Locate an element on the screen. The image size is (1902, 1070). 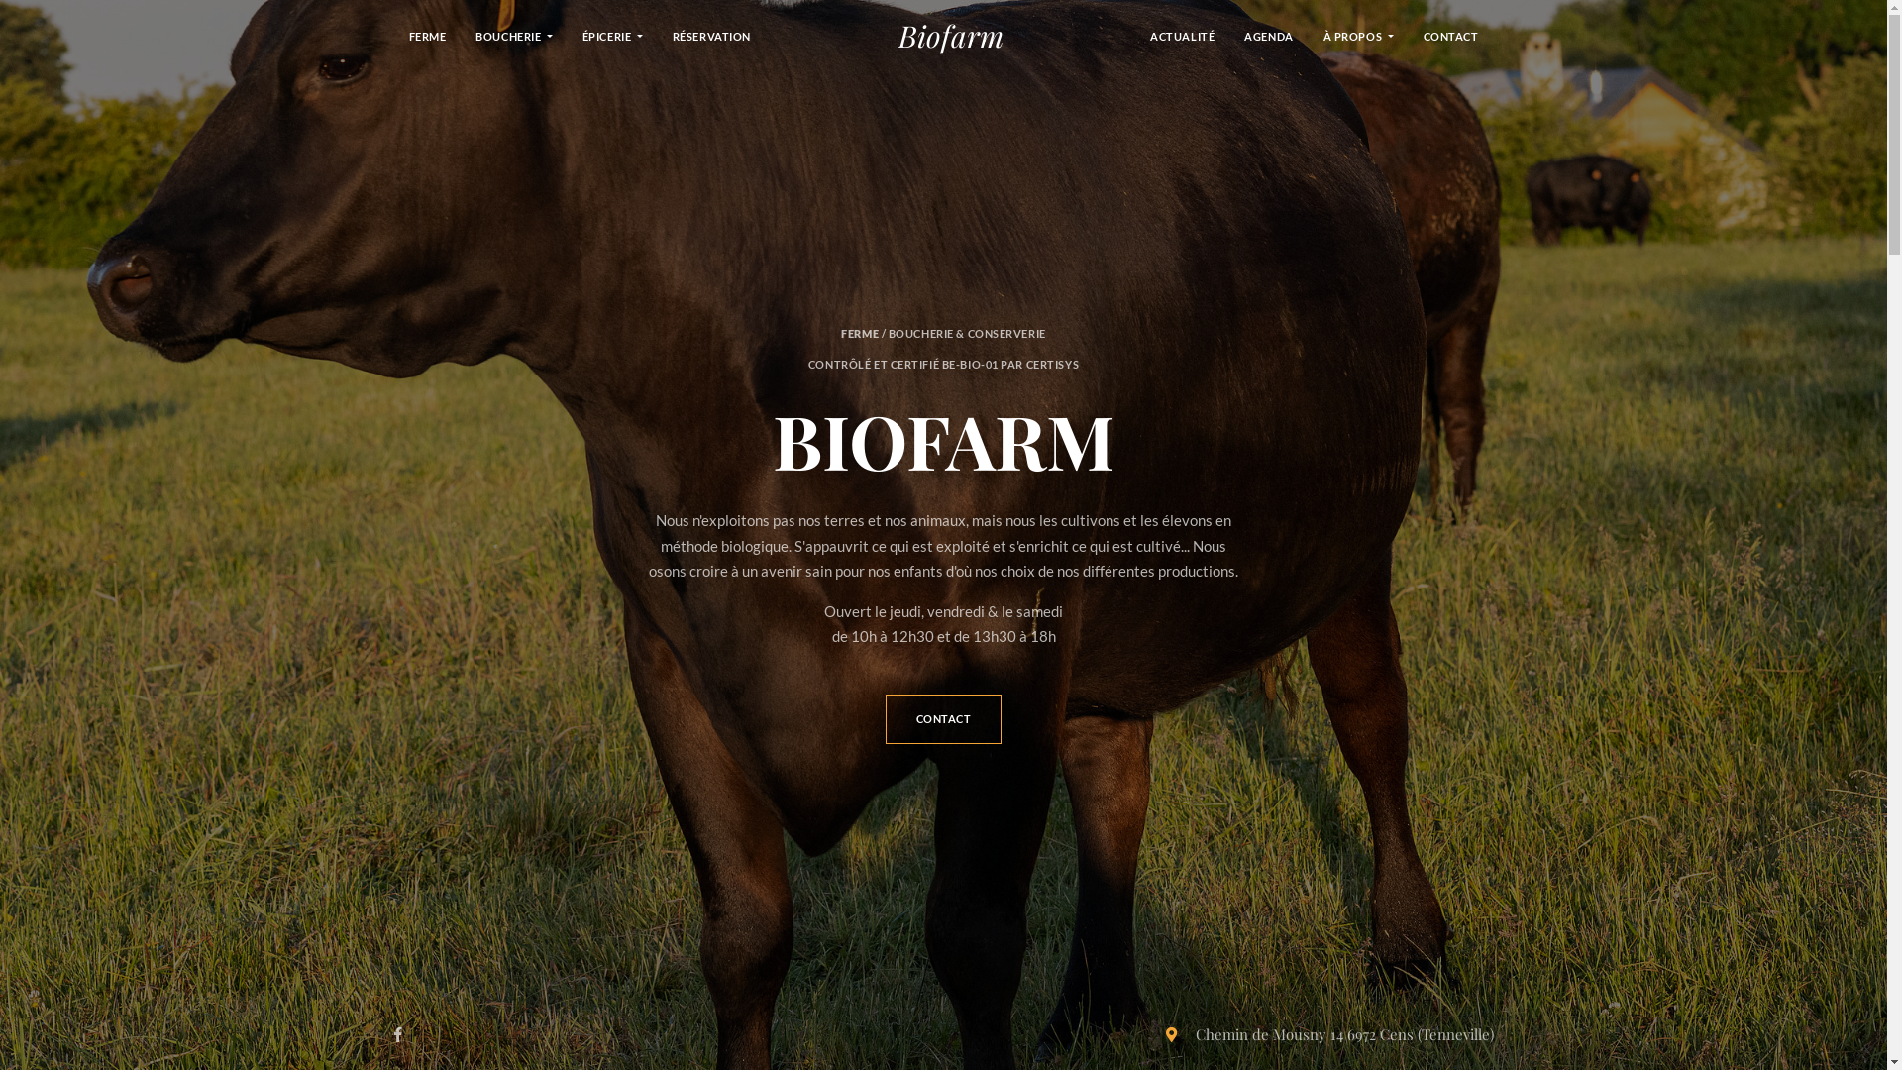
'FERME' is located at coordinates (427, 35).